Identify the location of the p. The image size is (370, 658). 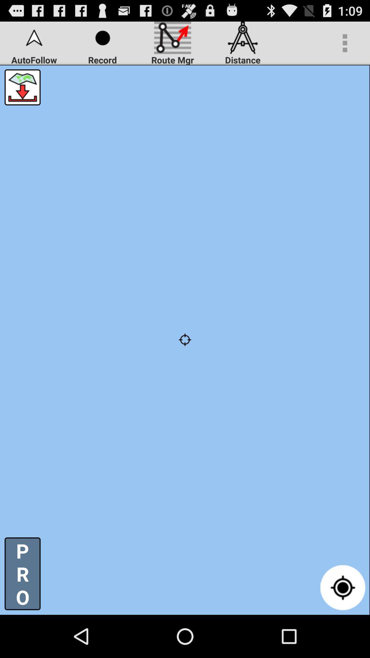
(22, 574).